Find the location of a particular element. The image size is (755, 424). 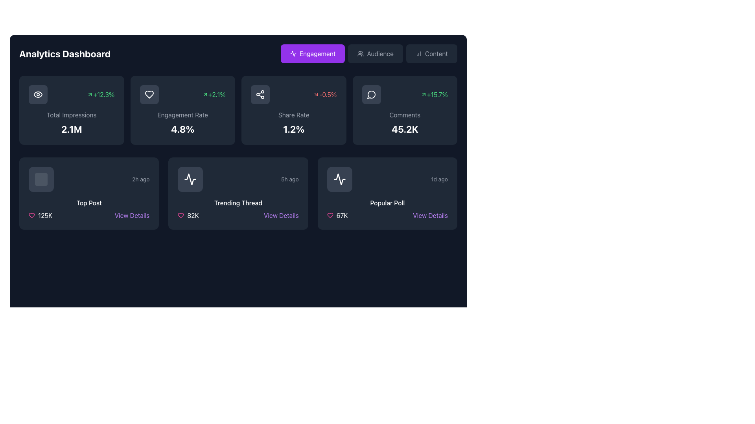

displayed number '67K' from the text label located in the bottom-right card labeled 'Popular Poll', which is adjacent to a pink heart icon is located at coordinates (342, 215).